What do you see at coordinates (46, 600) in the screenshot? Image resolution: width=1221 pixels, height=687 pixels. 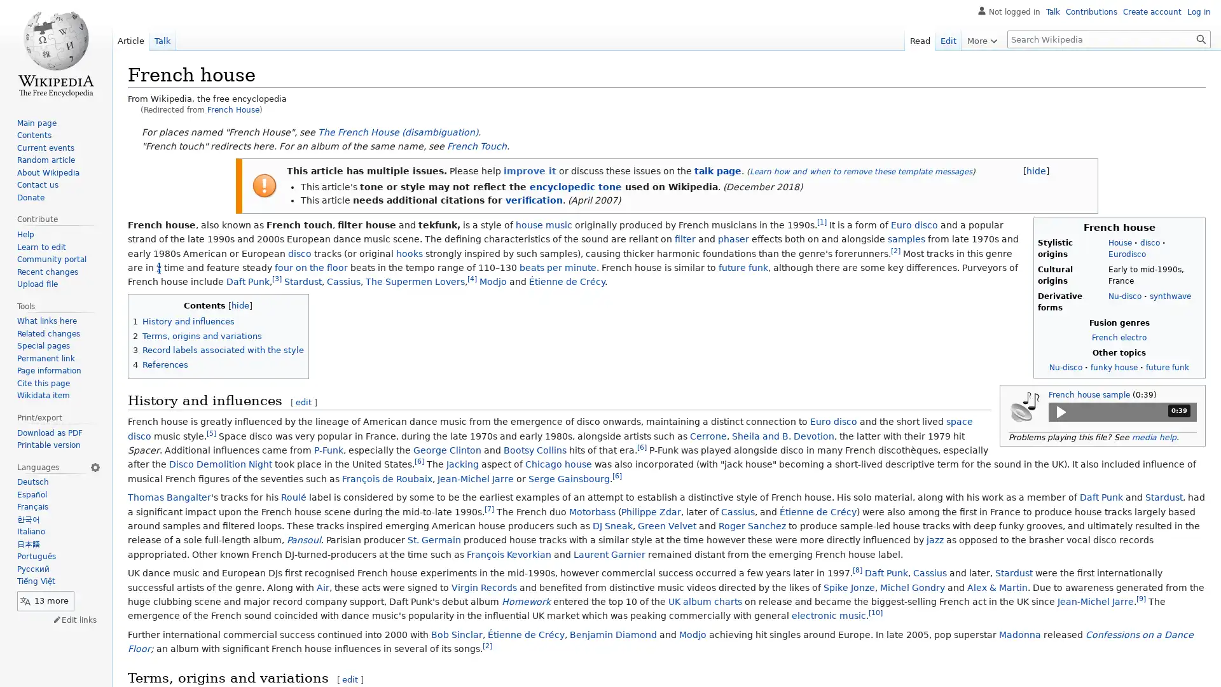 I see `13 more` at bounding box center [46, 600].